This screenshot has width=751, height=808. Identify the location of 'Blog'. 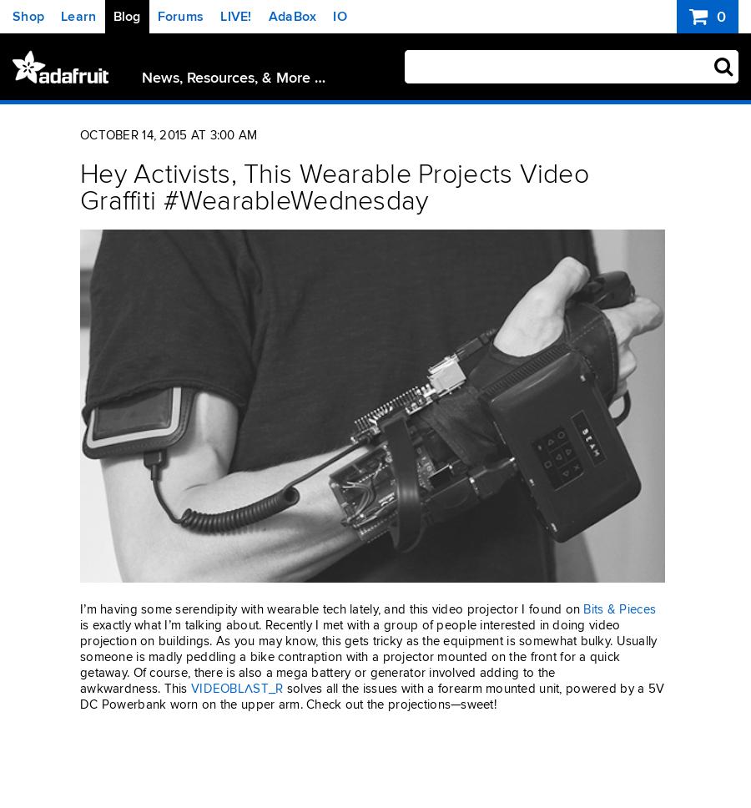
(126, 16).